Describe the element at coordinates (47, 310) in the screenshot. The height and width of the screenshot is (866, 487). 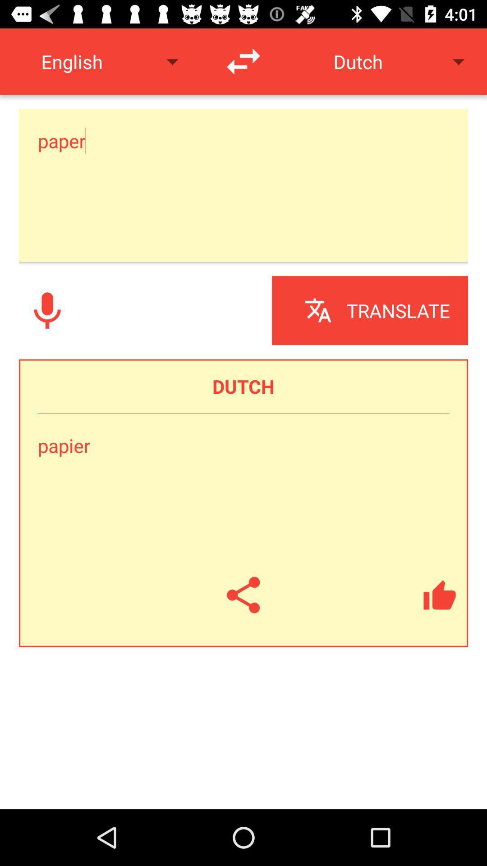
I see `the microphone icon` at that location.